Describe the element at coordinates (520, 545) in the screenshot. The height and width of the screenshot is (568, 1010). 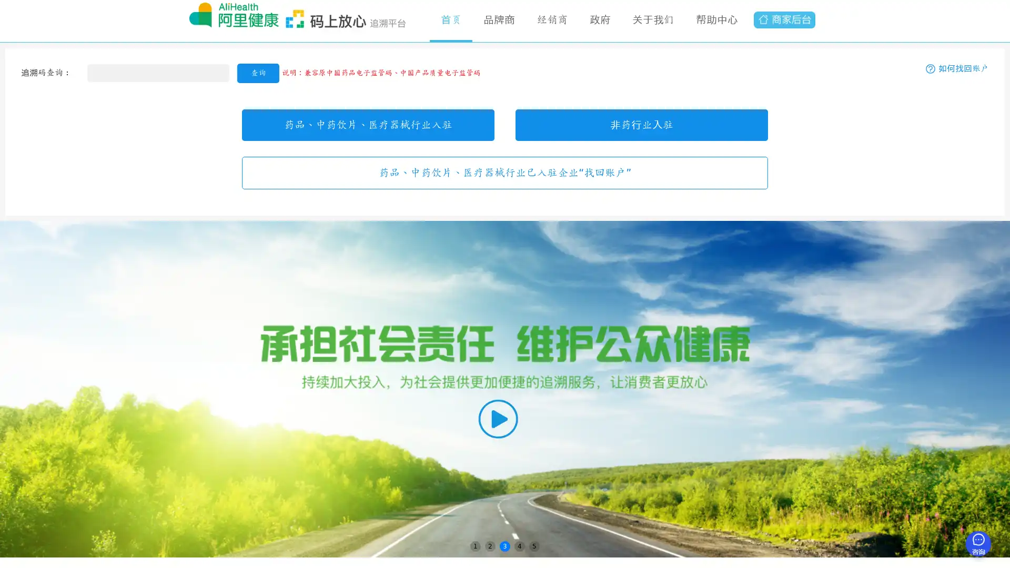
I see `Go to slide 4` at that location.